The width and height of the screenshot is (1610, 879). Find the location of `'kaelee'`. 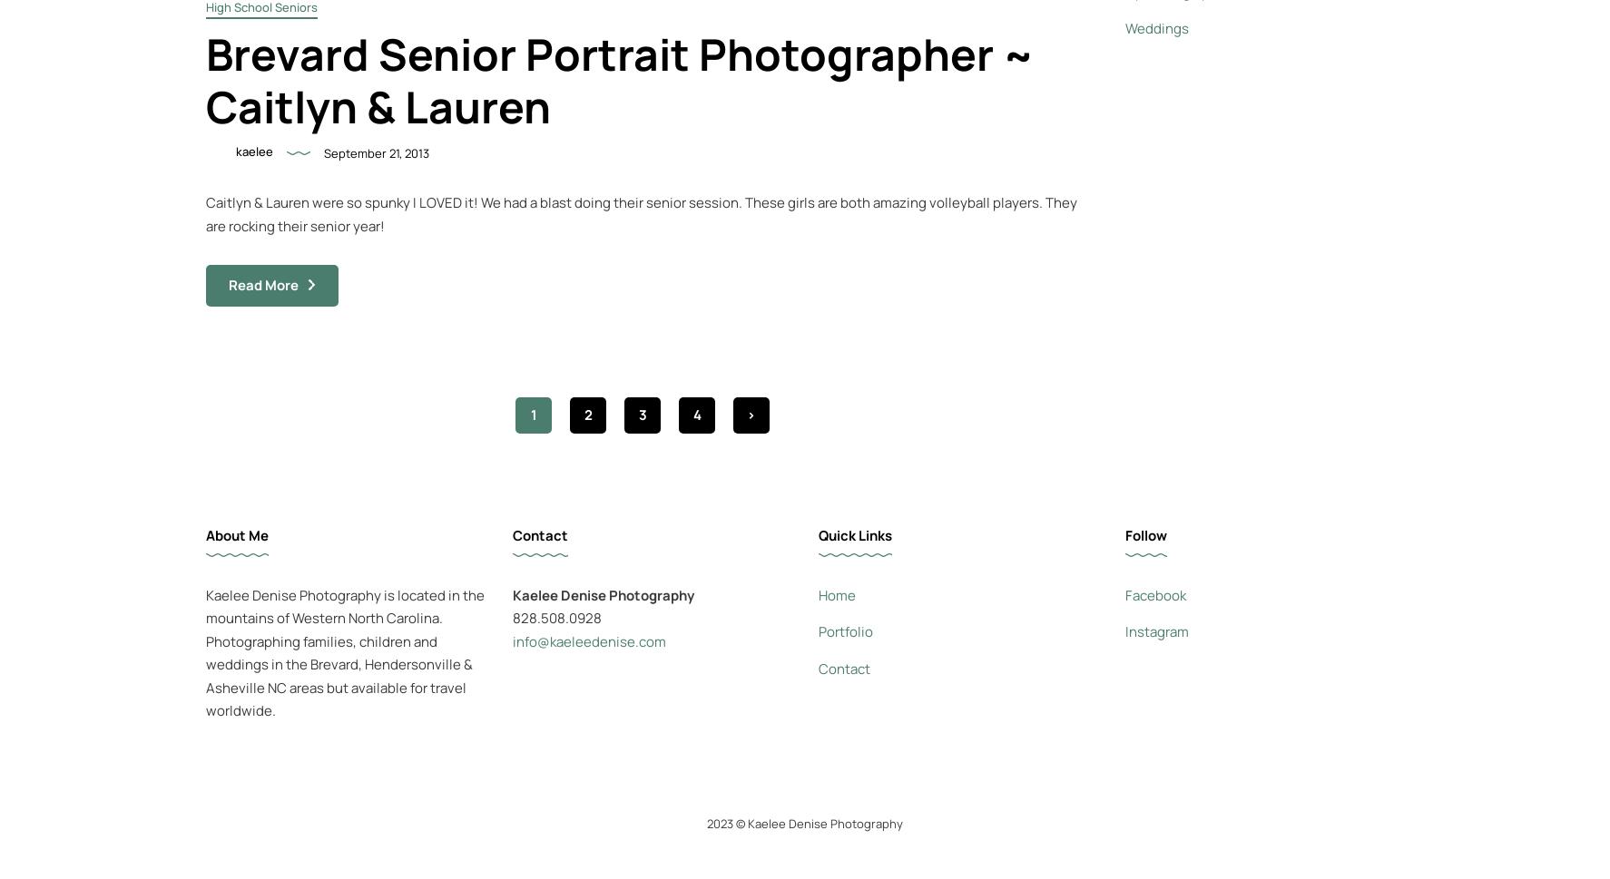

'kaelee' is located at coordinates (253, 150).